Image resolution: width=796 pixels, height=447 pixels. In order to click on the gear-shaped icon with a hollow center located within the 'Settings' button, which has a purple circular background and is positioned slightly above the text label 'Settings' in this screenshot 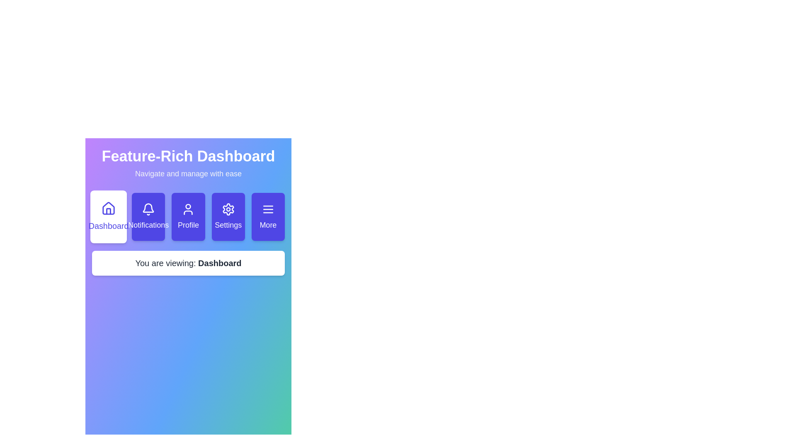, I will do `click(228, 209)`.